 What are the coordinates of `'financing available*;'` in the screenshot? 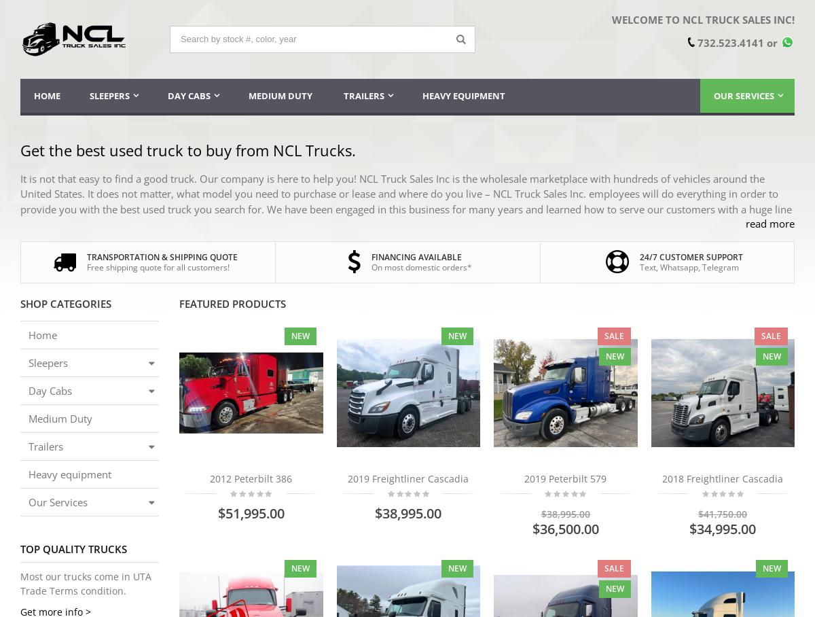 It's located at (35, 480).